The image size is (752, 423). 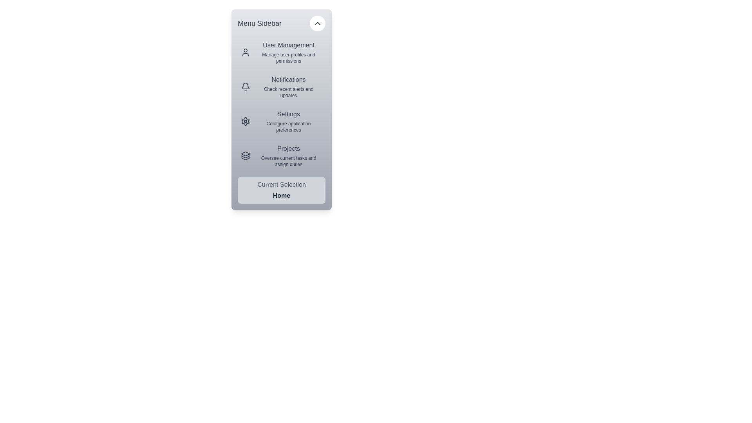 I want to click on the user profile icon in the sidebar menu, so click(x=245, y=52).